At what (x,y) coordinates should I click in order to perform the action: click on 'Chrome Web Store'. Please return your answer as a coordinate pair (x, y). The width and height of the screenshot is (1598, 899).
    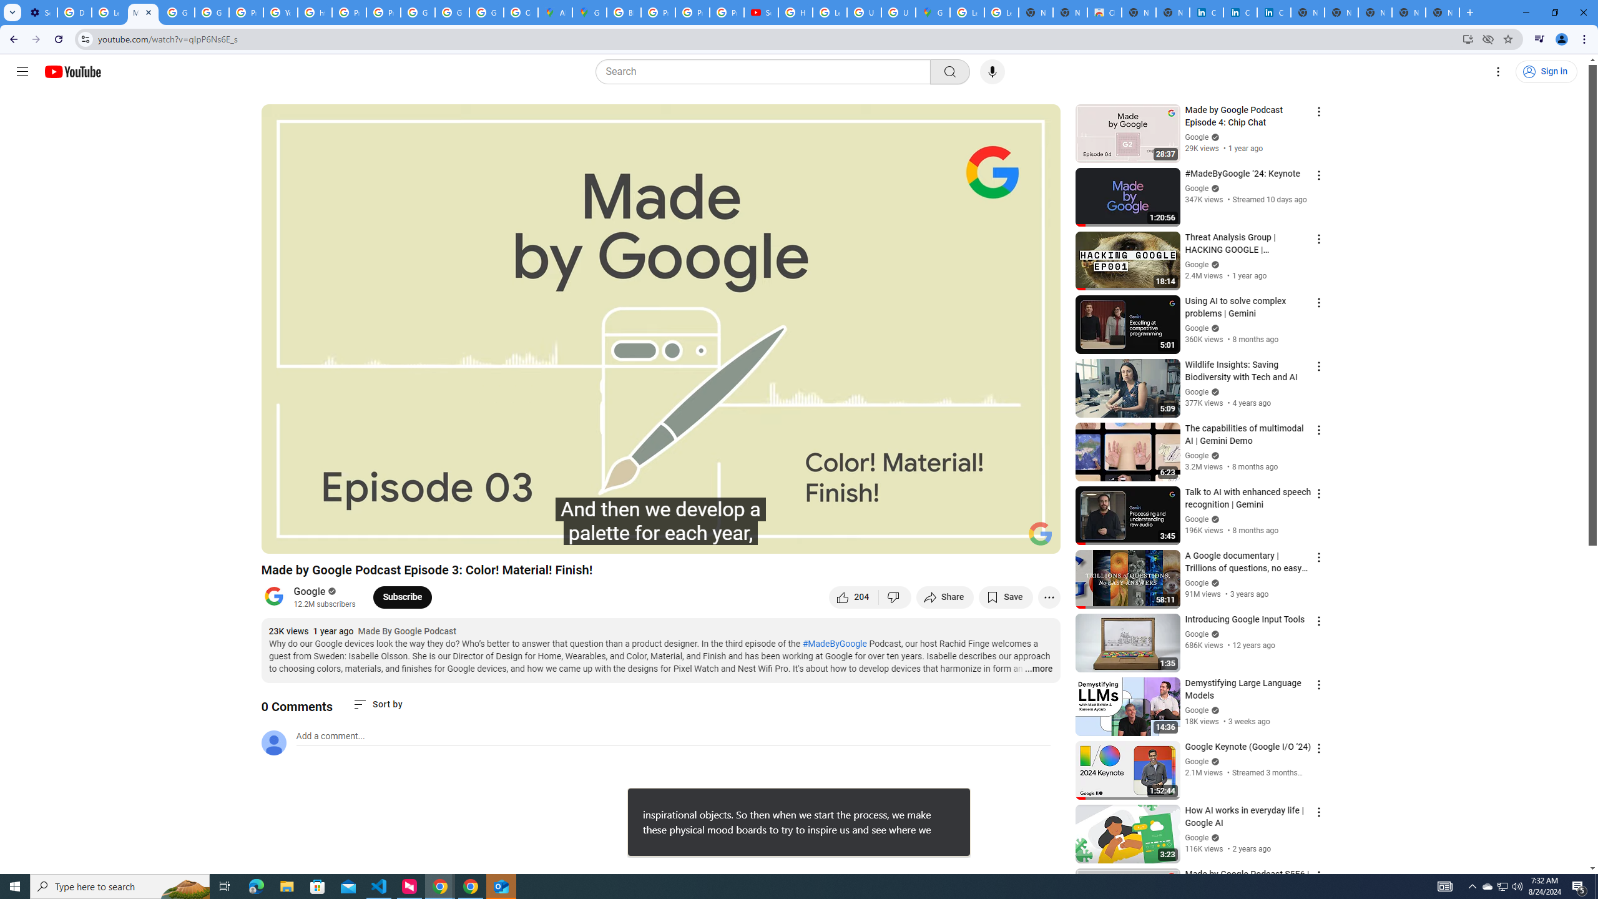
    Looking at the image, I should click on (1104, 12).